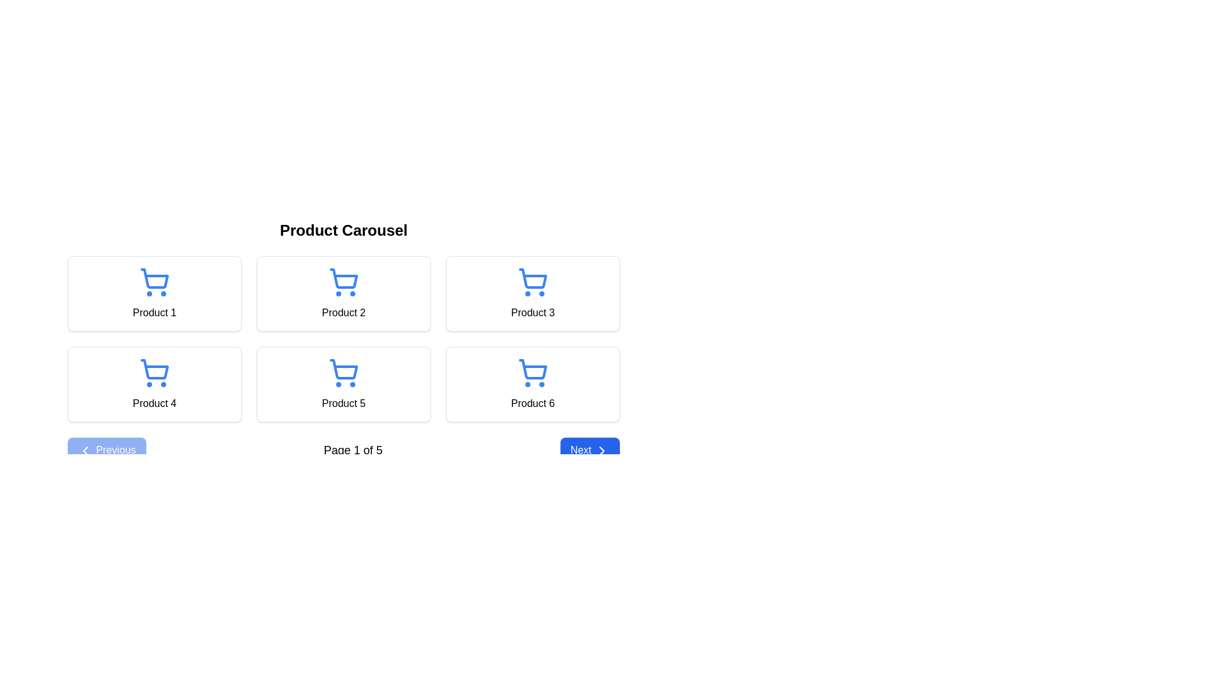  Describe the element at coordinates (153, 383) in the screenshot. I see `the card component representing 'Product 4' which is located in the second row and first column of the grid layout` at that location.